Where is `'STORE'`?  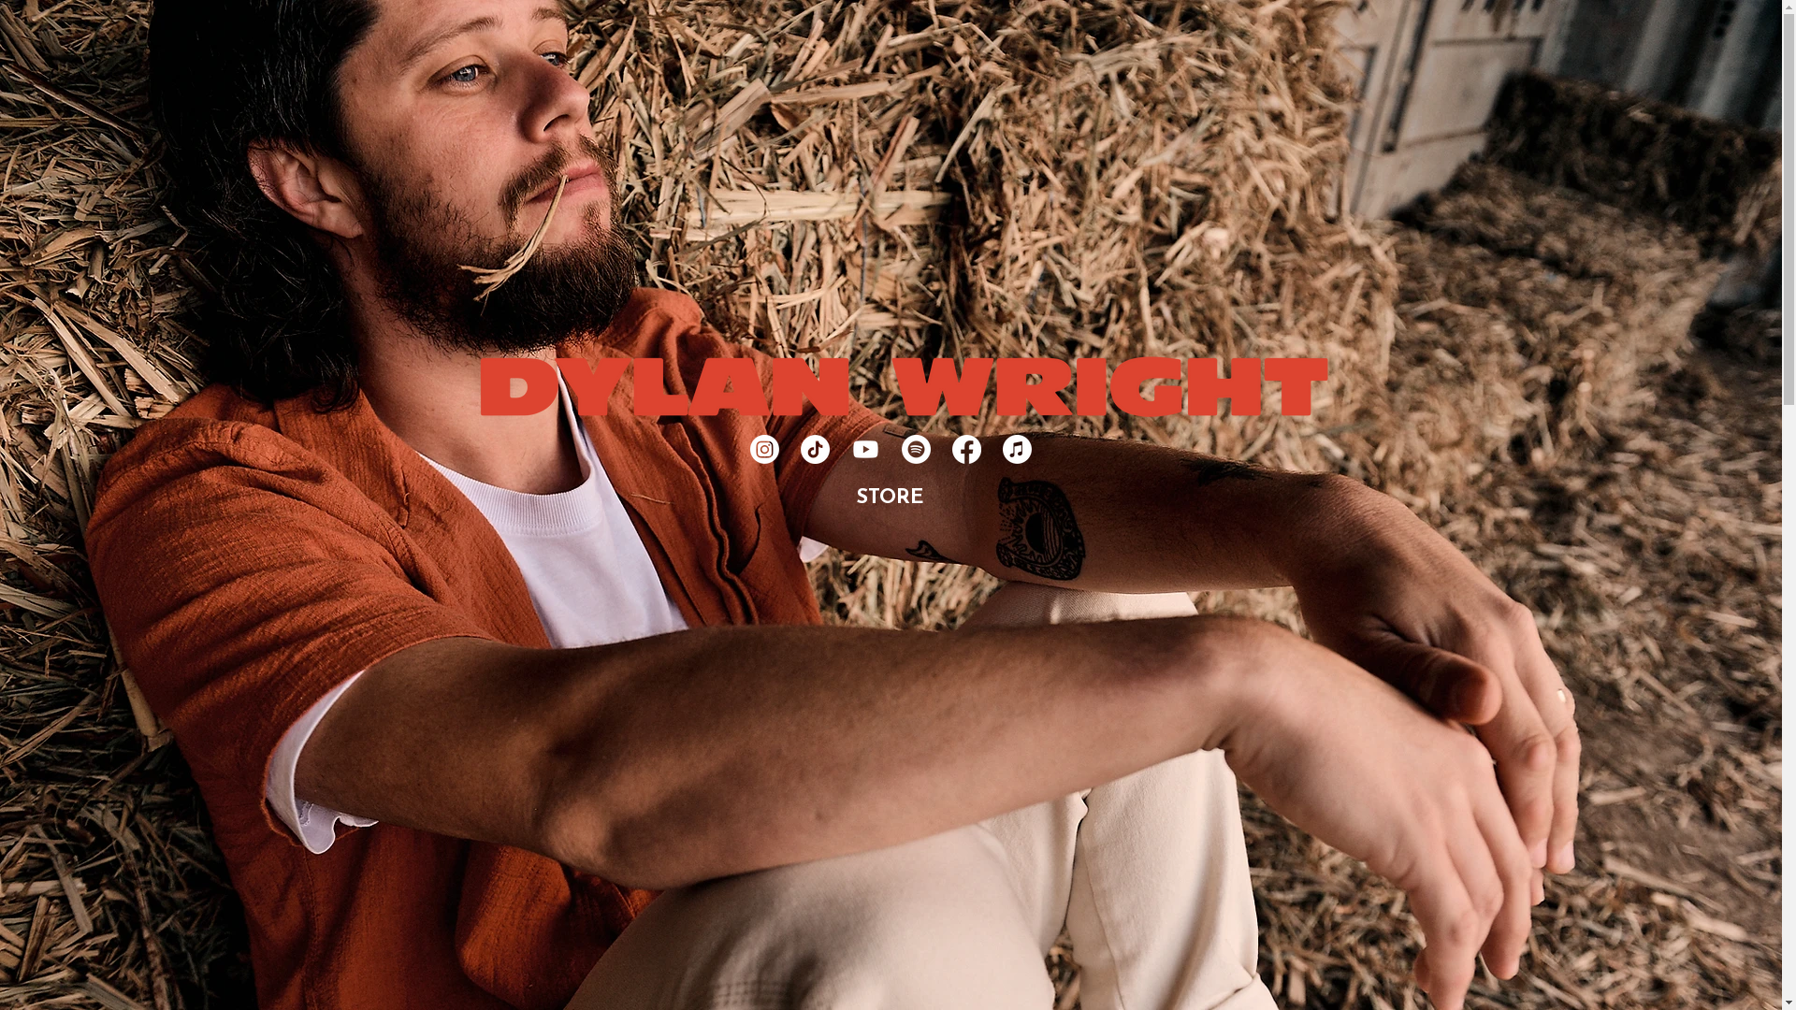 'STORE' is located at coordinates (888, 497).